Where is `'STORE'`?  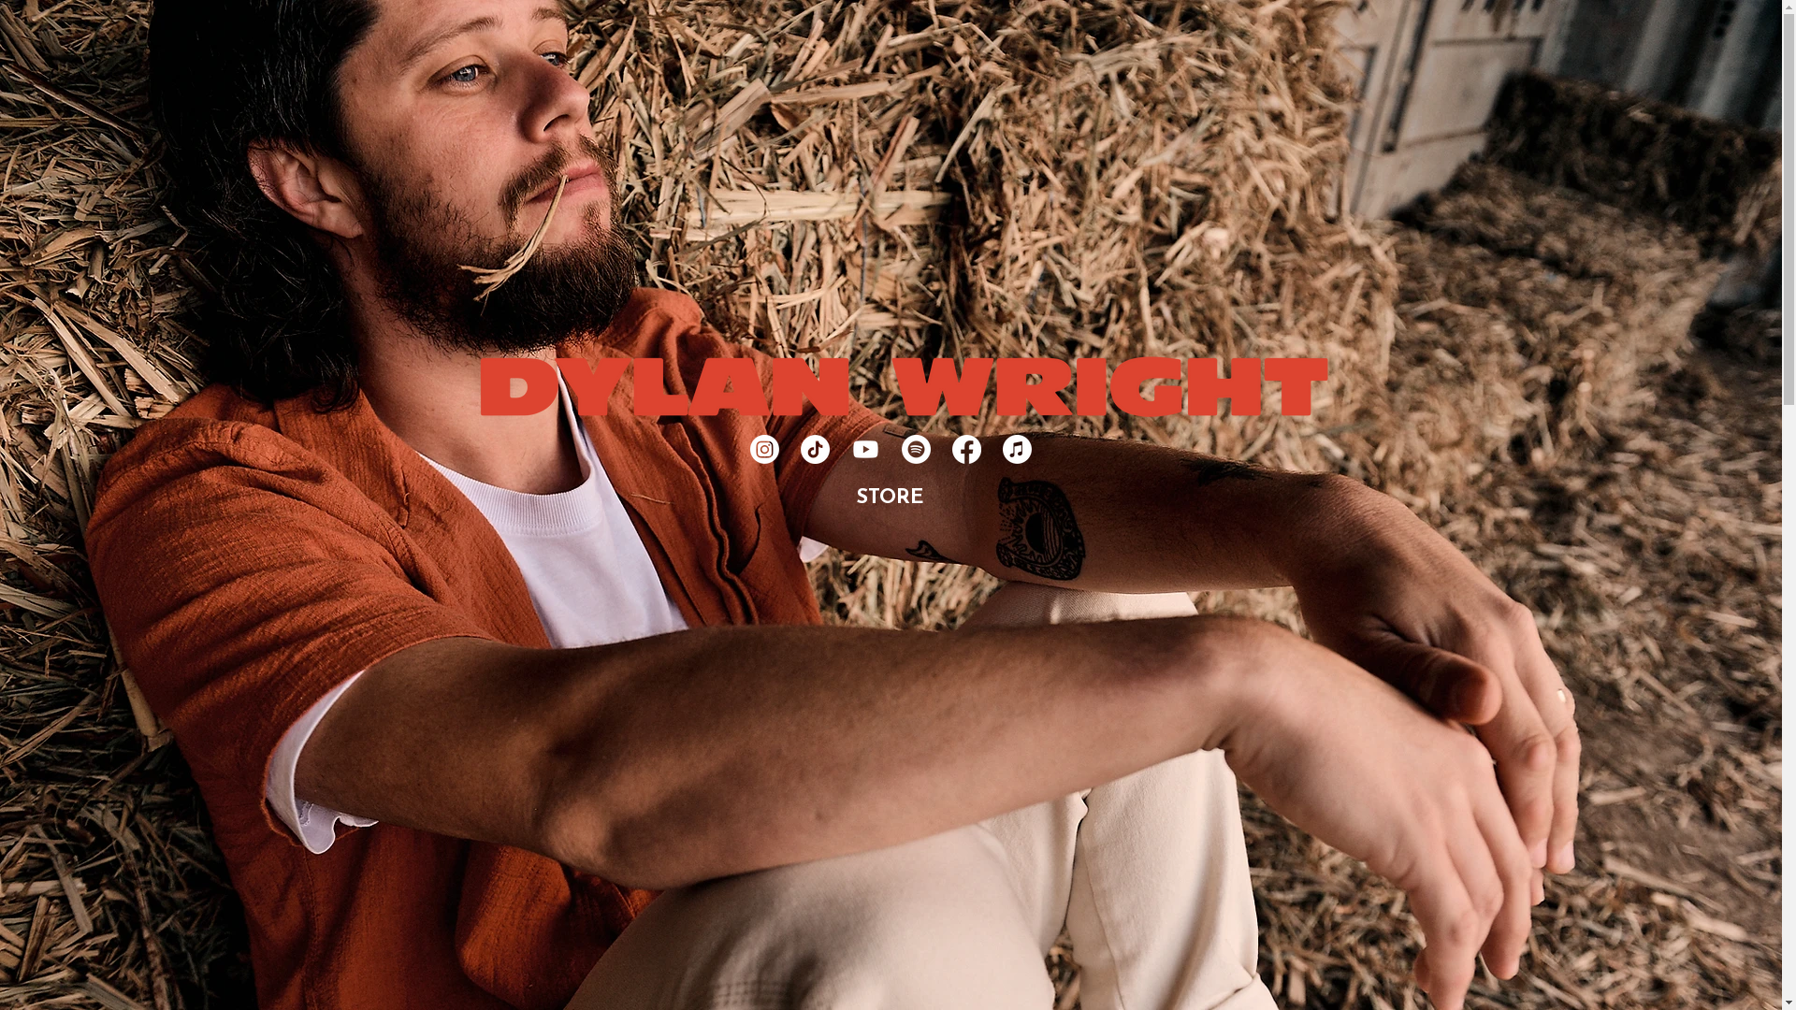 'STORE' is located at coordinates (888, 497).